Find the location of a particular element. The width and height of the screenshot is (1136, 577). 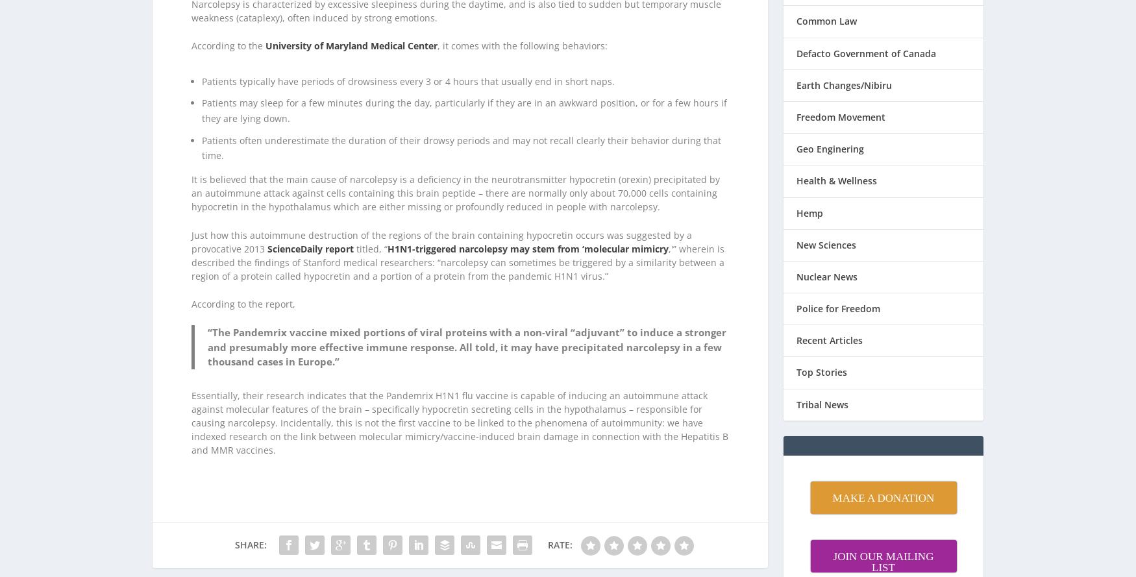

'Geo Enginering' is located at coordinates (830, 131).